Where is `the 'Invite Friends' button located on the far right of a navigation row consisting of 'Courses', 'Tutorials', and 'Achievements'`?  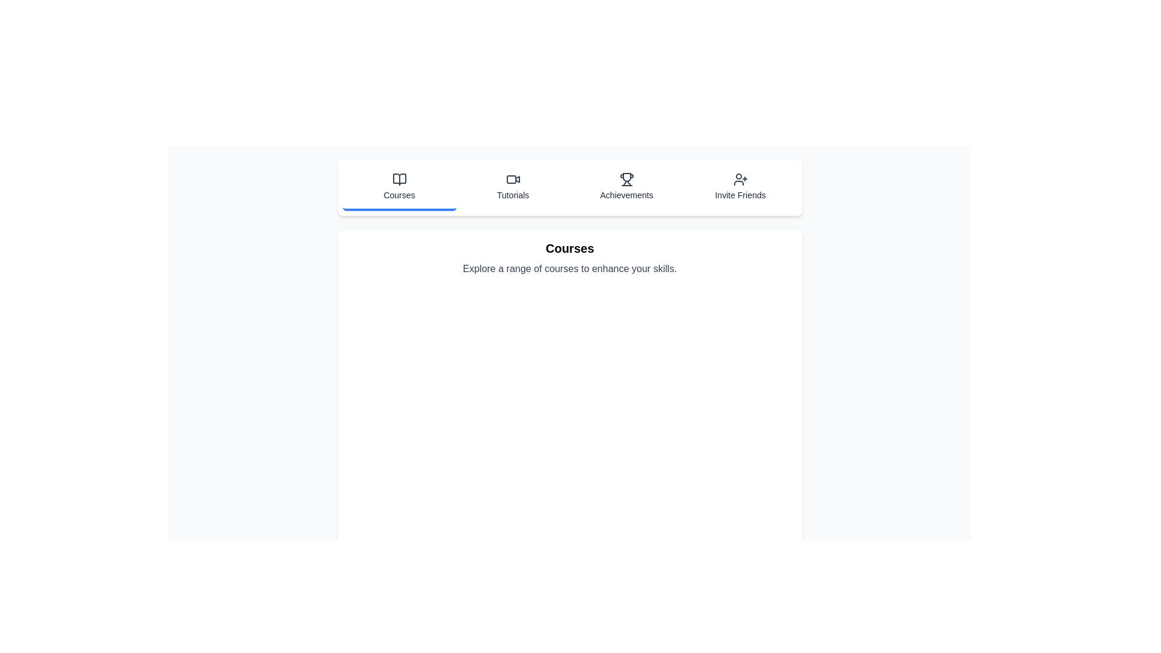
the 'Invite Friends' button located on the far right of a navigation row consisting of 'Courses', 'Tutorials', and 'Achievements' is located at coordinates (740, 188).